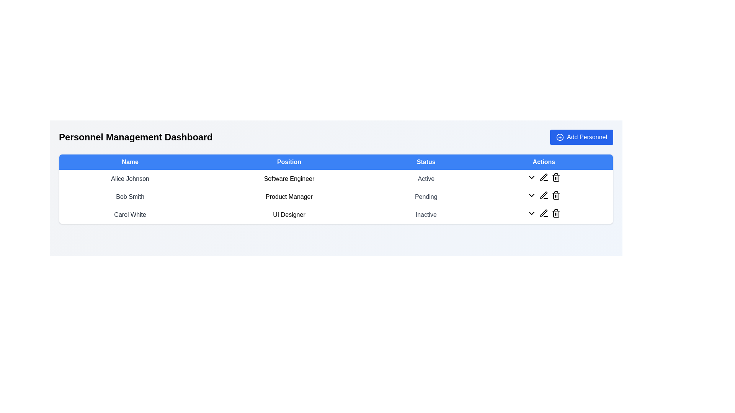 This screenshot has height=413, width=735. What do you see at coordinates (130, 196) in the screenshot?
I see `the static text displaying the name of the second personnel in the management dashboard, located in the 'Name' column between 'Alice Johnson' and 'Carol White'` at bounding box center [130, 196].